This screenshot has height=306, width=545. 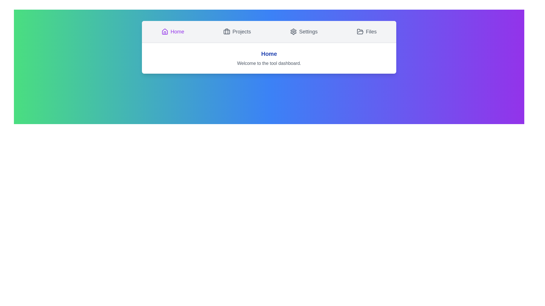 I want to click on the Files button to observe its hover effect, so click(x=366, y=31).